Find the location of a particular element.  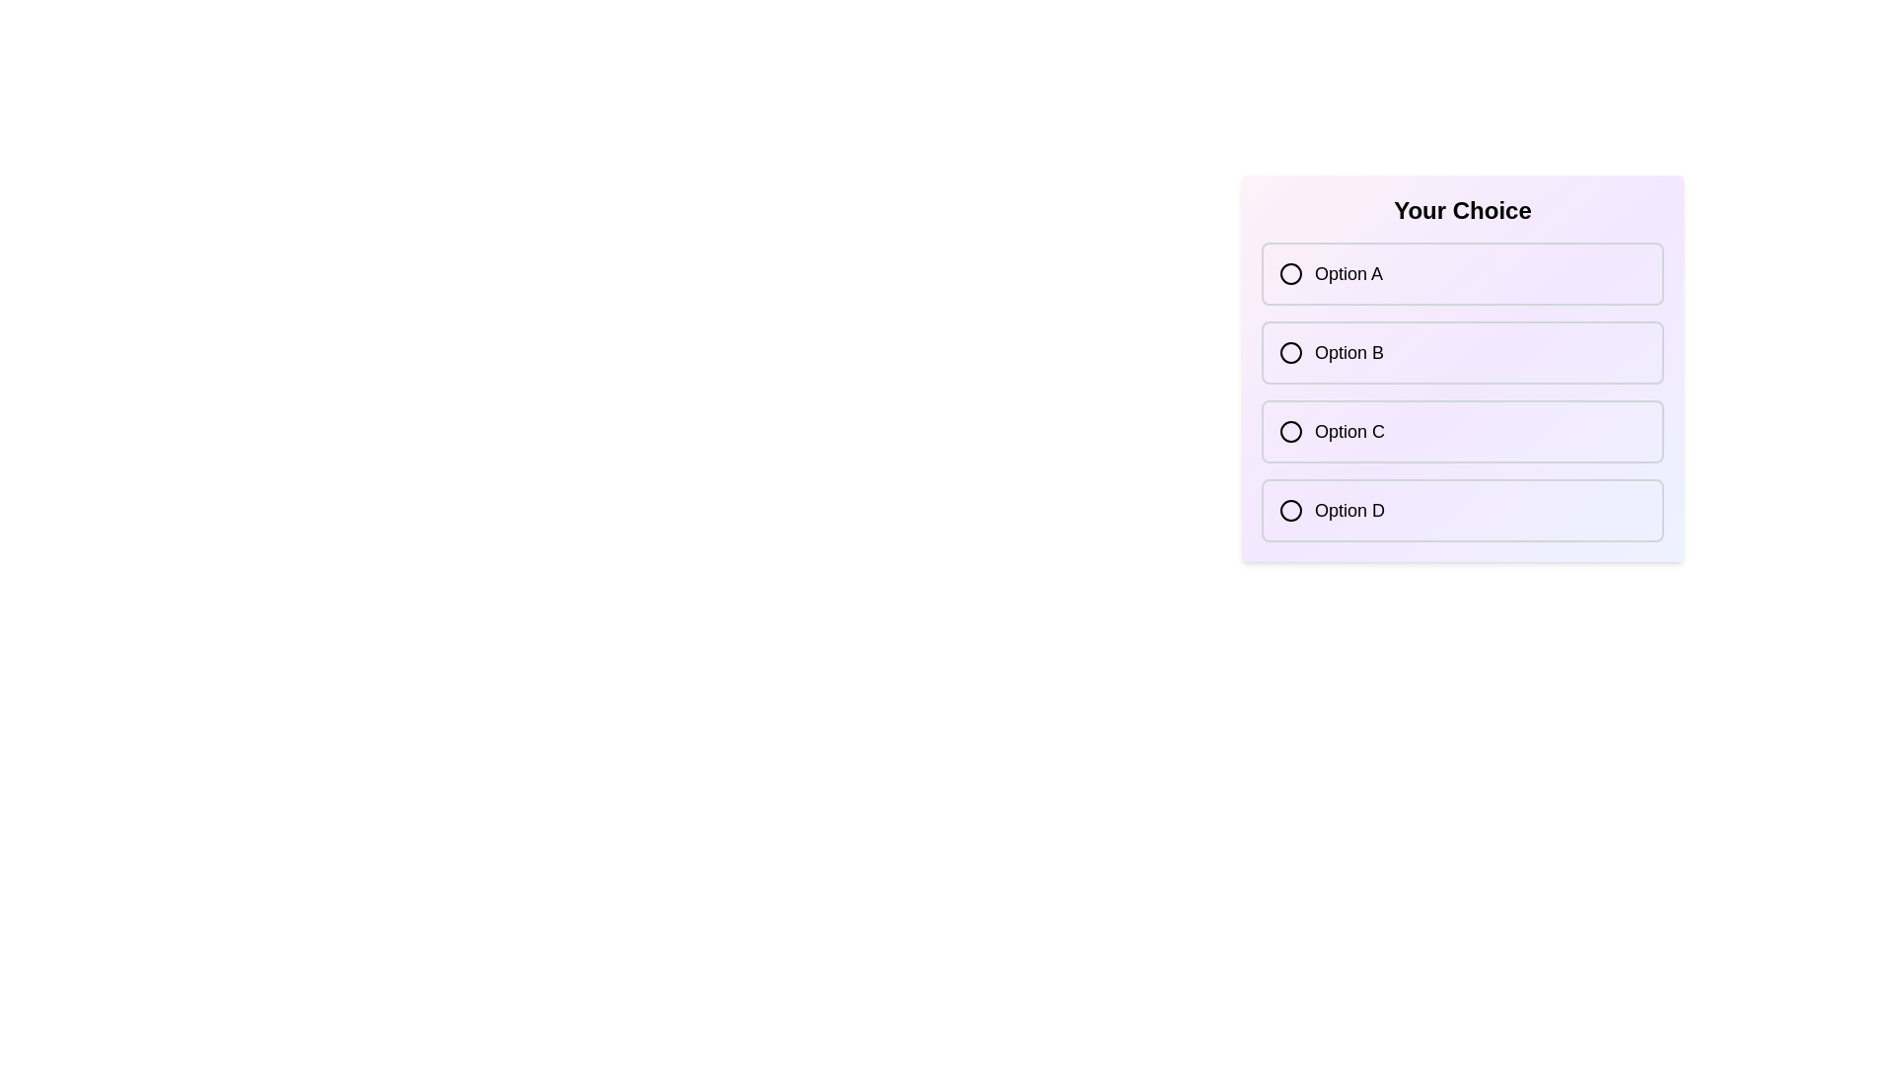

the option Option B from the list is located at coordinates (1463, 352).